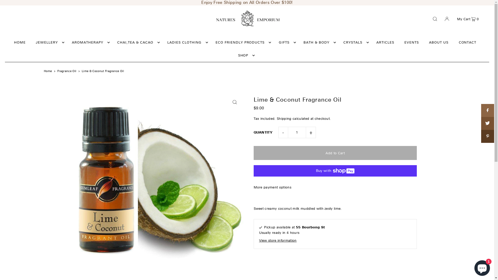  I want to click on 'CRYSTALS', so click(355, 42).